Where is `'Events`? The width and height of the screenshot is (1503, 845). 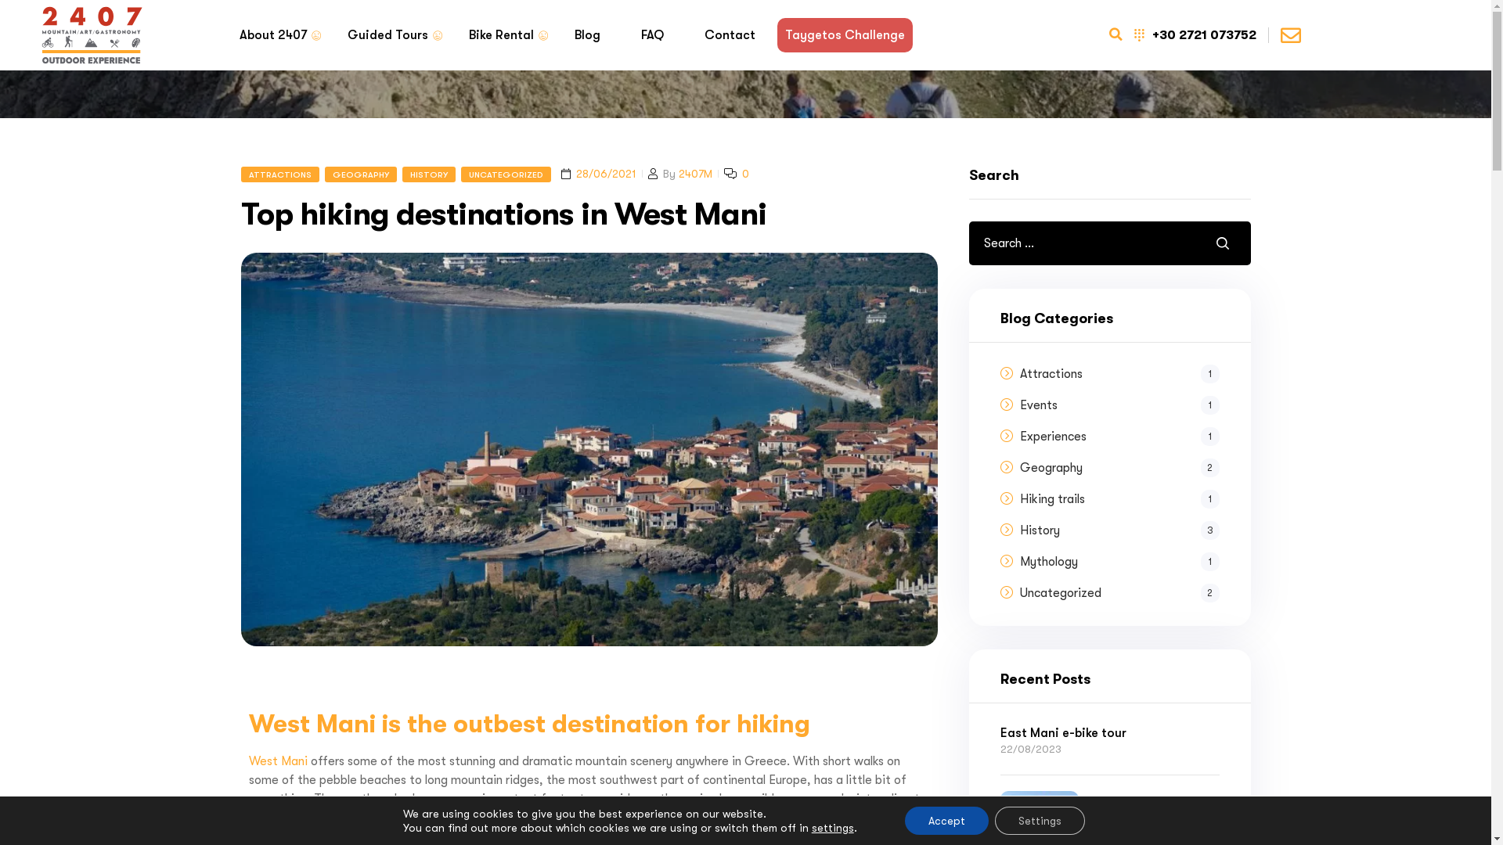 'Events is located at coordinates (1119, 404).